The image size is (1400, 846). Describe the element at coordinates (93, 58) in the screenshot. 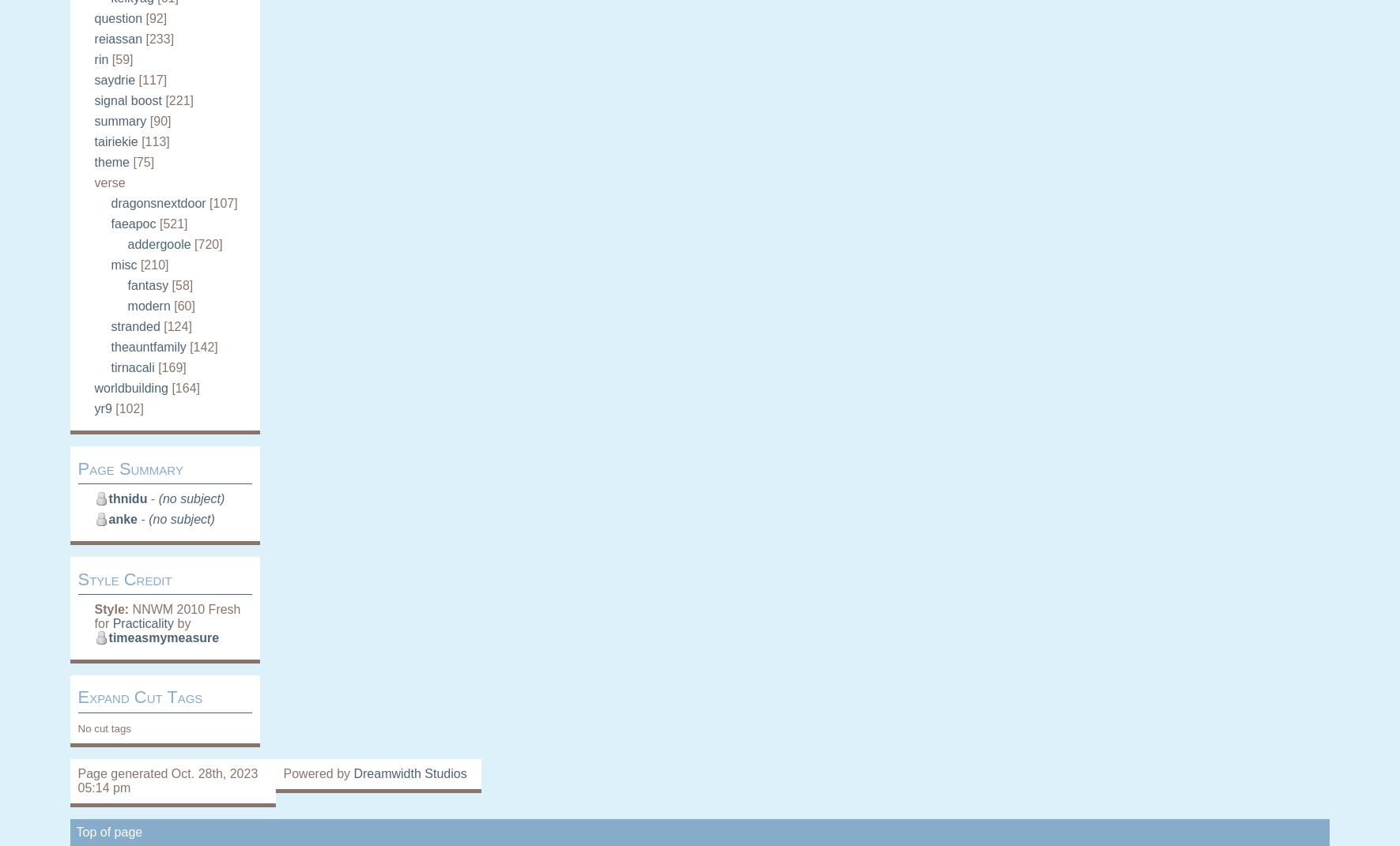

I see `'rin'` at that location.